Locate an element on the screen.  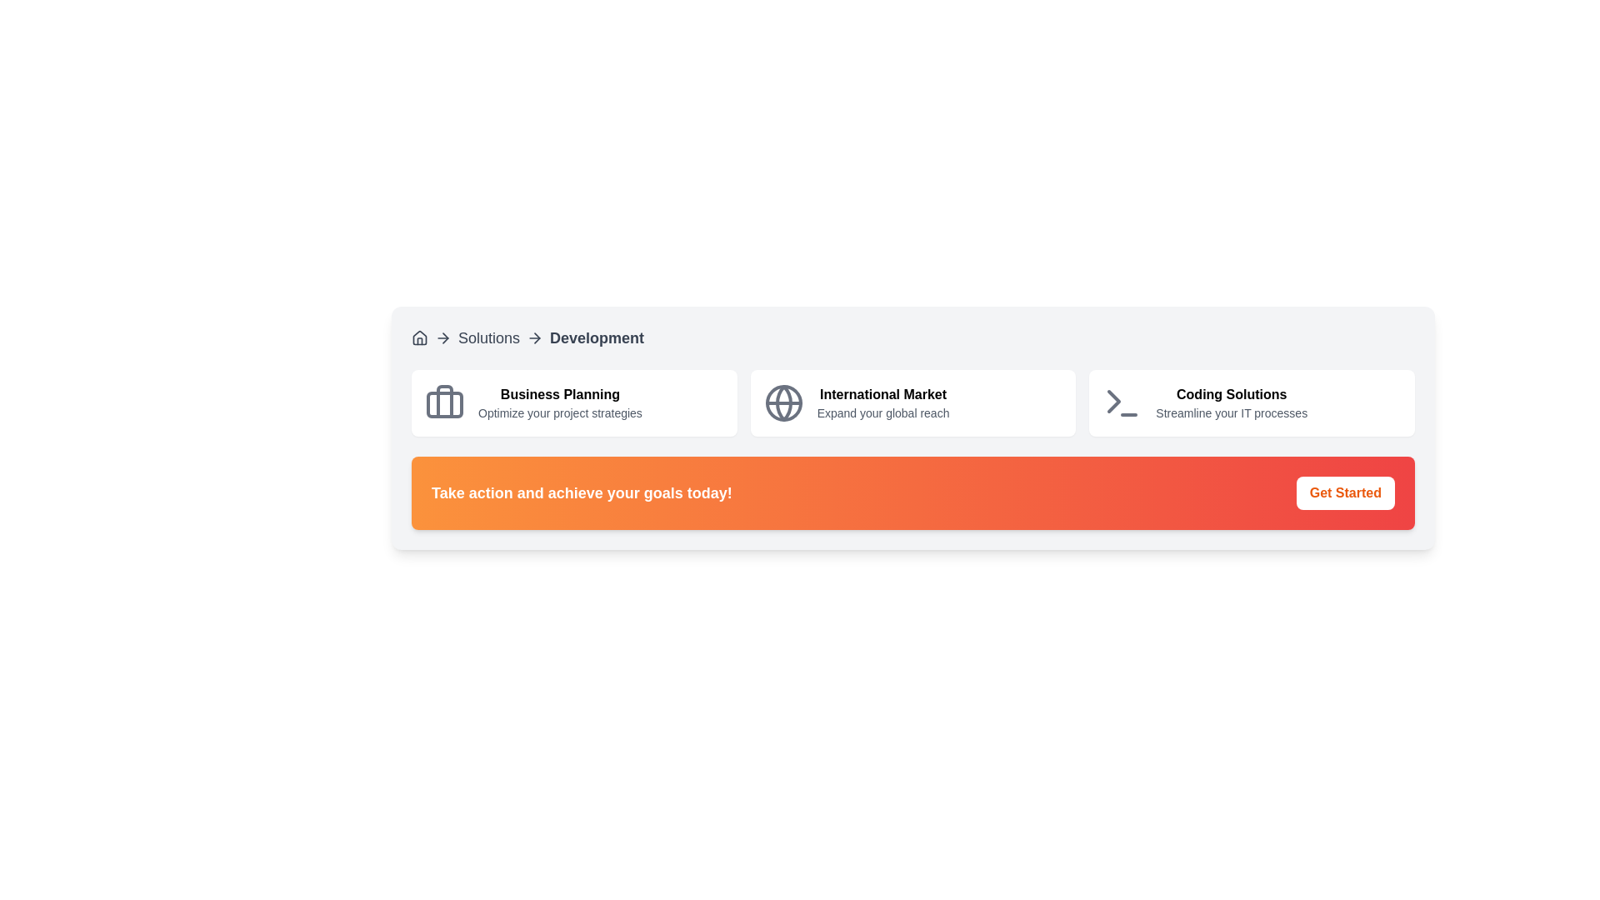
the card element labeled 'Coding Solutions' which contains a terminal icon and two lines of text. This card is the third in a row of three, visually similar sections, and is centrally aligned within its group is located at coordinates (1252, 402).